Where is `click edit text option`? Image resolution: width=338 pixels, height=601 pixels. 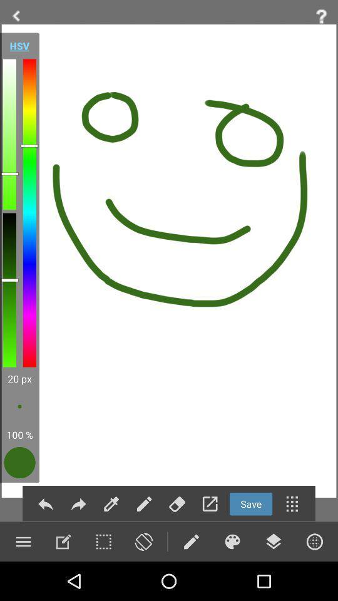 click edit text option is located at coordinates (63, 541).